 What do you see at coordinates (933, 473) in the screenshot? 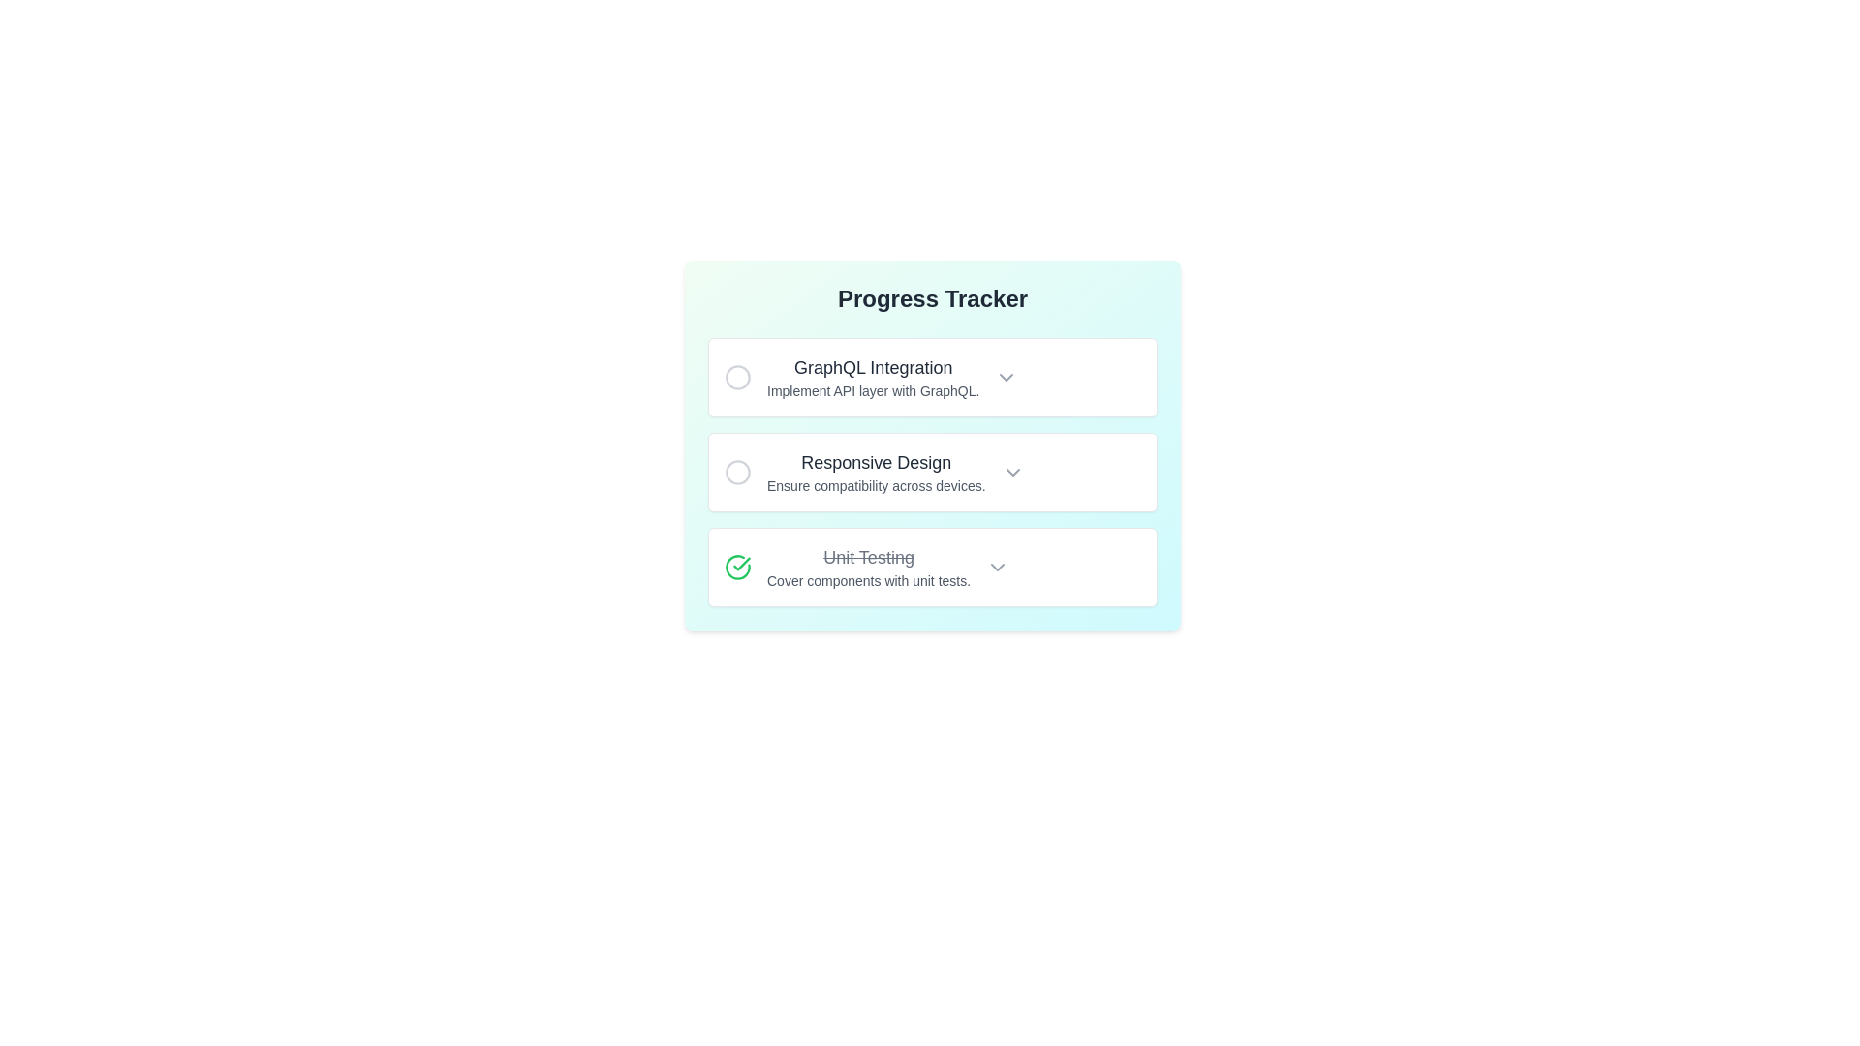
I see `the circular marker on the left side of the 'Responsive Design' task item` at bounding box center [933, 473].